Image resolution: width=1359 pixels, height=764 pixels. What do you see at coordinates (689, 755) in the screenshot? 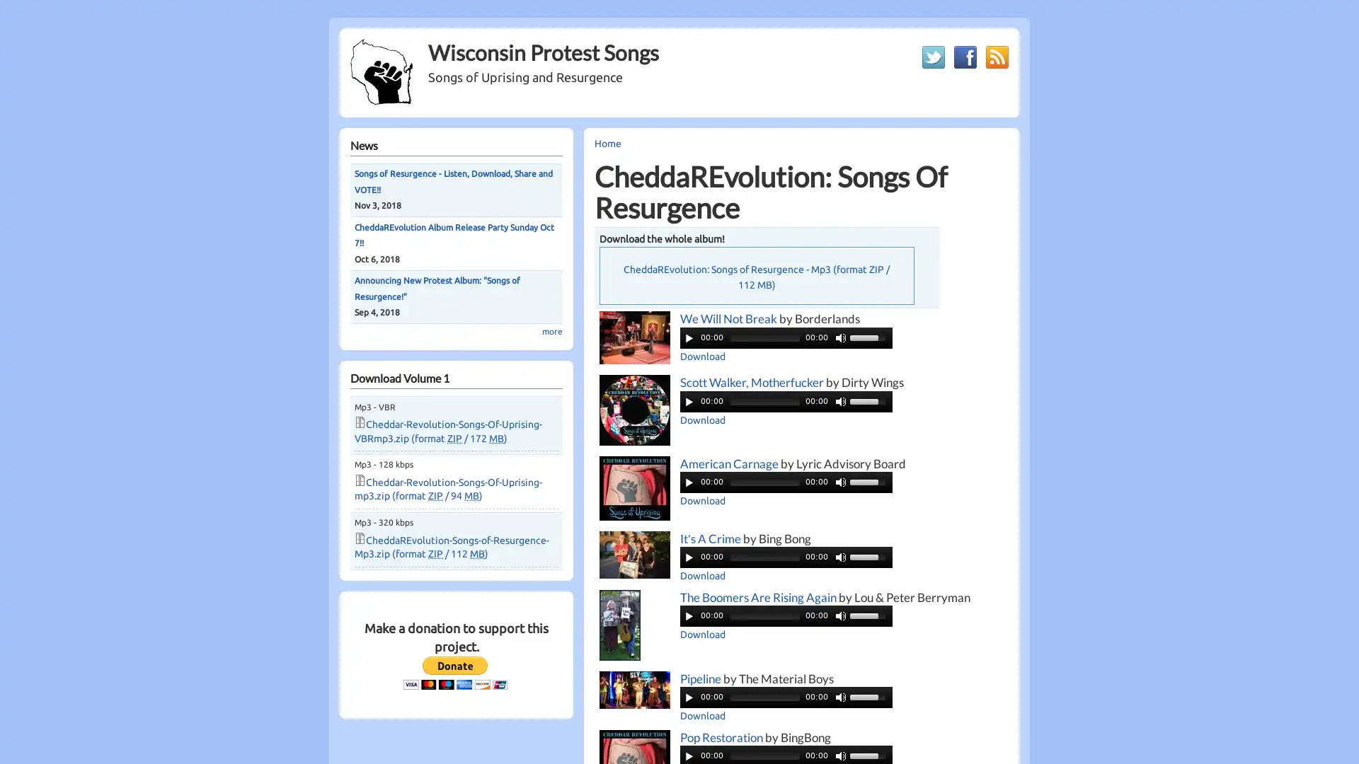
I see `Play/Pause` at bounding box center [689, 755].